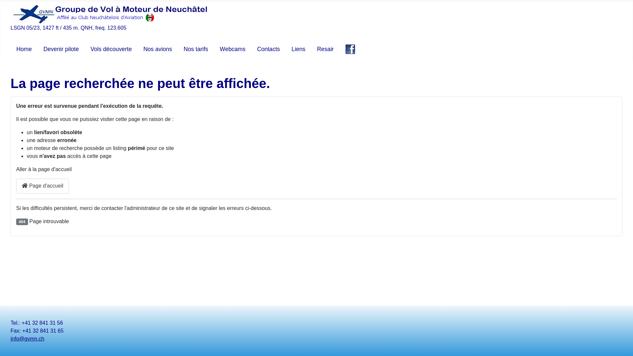 The image size is (633, 356). I want to click on 'Devenir pilote', so click(61, 49).